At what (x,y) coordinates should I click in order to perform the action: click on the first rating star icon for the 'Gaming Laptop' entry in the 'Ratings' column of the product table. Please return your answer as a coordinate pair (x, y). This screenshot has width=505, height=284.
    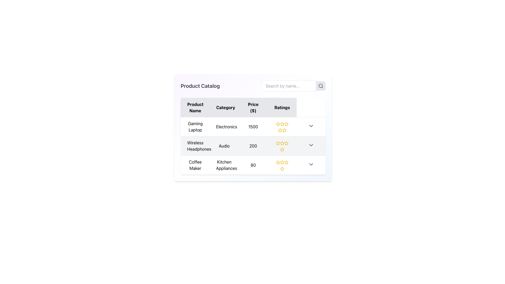
    Looking at the image, I should click on (277, 124).